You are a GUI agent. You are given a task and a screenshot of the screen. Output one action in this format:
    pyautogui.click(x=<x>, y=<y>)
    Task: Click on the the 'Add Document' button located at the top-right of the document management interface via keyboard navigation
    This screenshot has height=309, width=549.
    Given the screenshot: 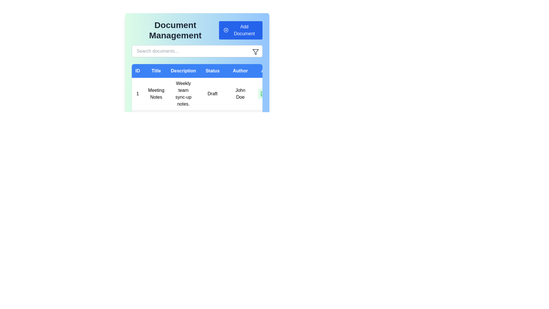 What is the action you would take?
    pyautogui.click(x=240, y=30)
    